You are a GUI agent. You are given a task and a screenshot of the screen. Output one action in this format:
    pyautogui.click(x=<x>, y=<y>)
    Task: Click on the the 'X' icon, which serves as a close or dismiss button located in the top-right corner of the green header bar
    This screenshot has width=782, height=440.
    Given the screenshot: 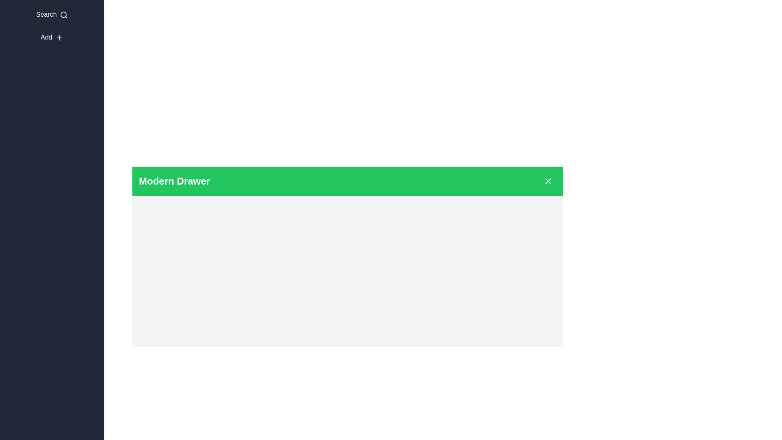 What is the action you would take?
    pyautogui.click(x=548, y=180)
    